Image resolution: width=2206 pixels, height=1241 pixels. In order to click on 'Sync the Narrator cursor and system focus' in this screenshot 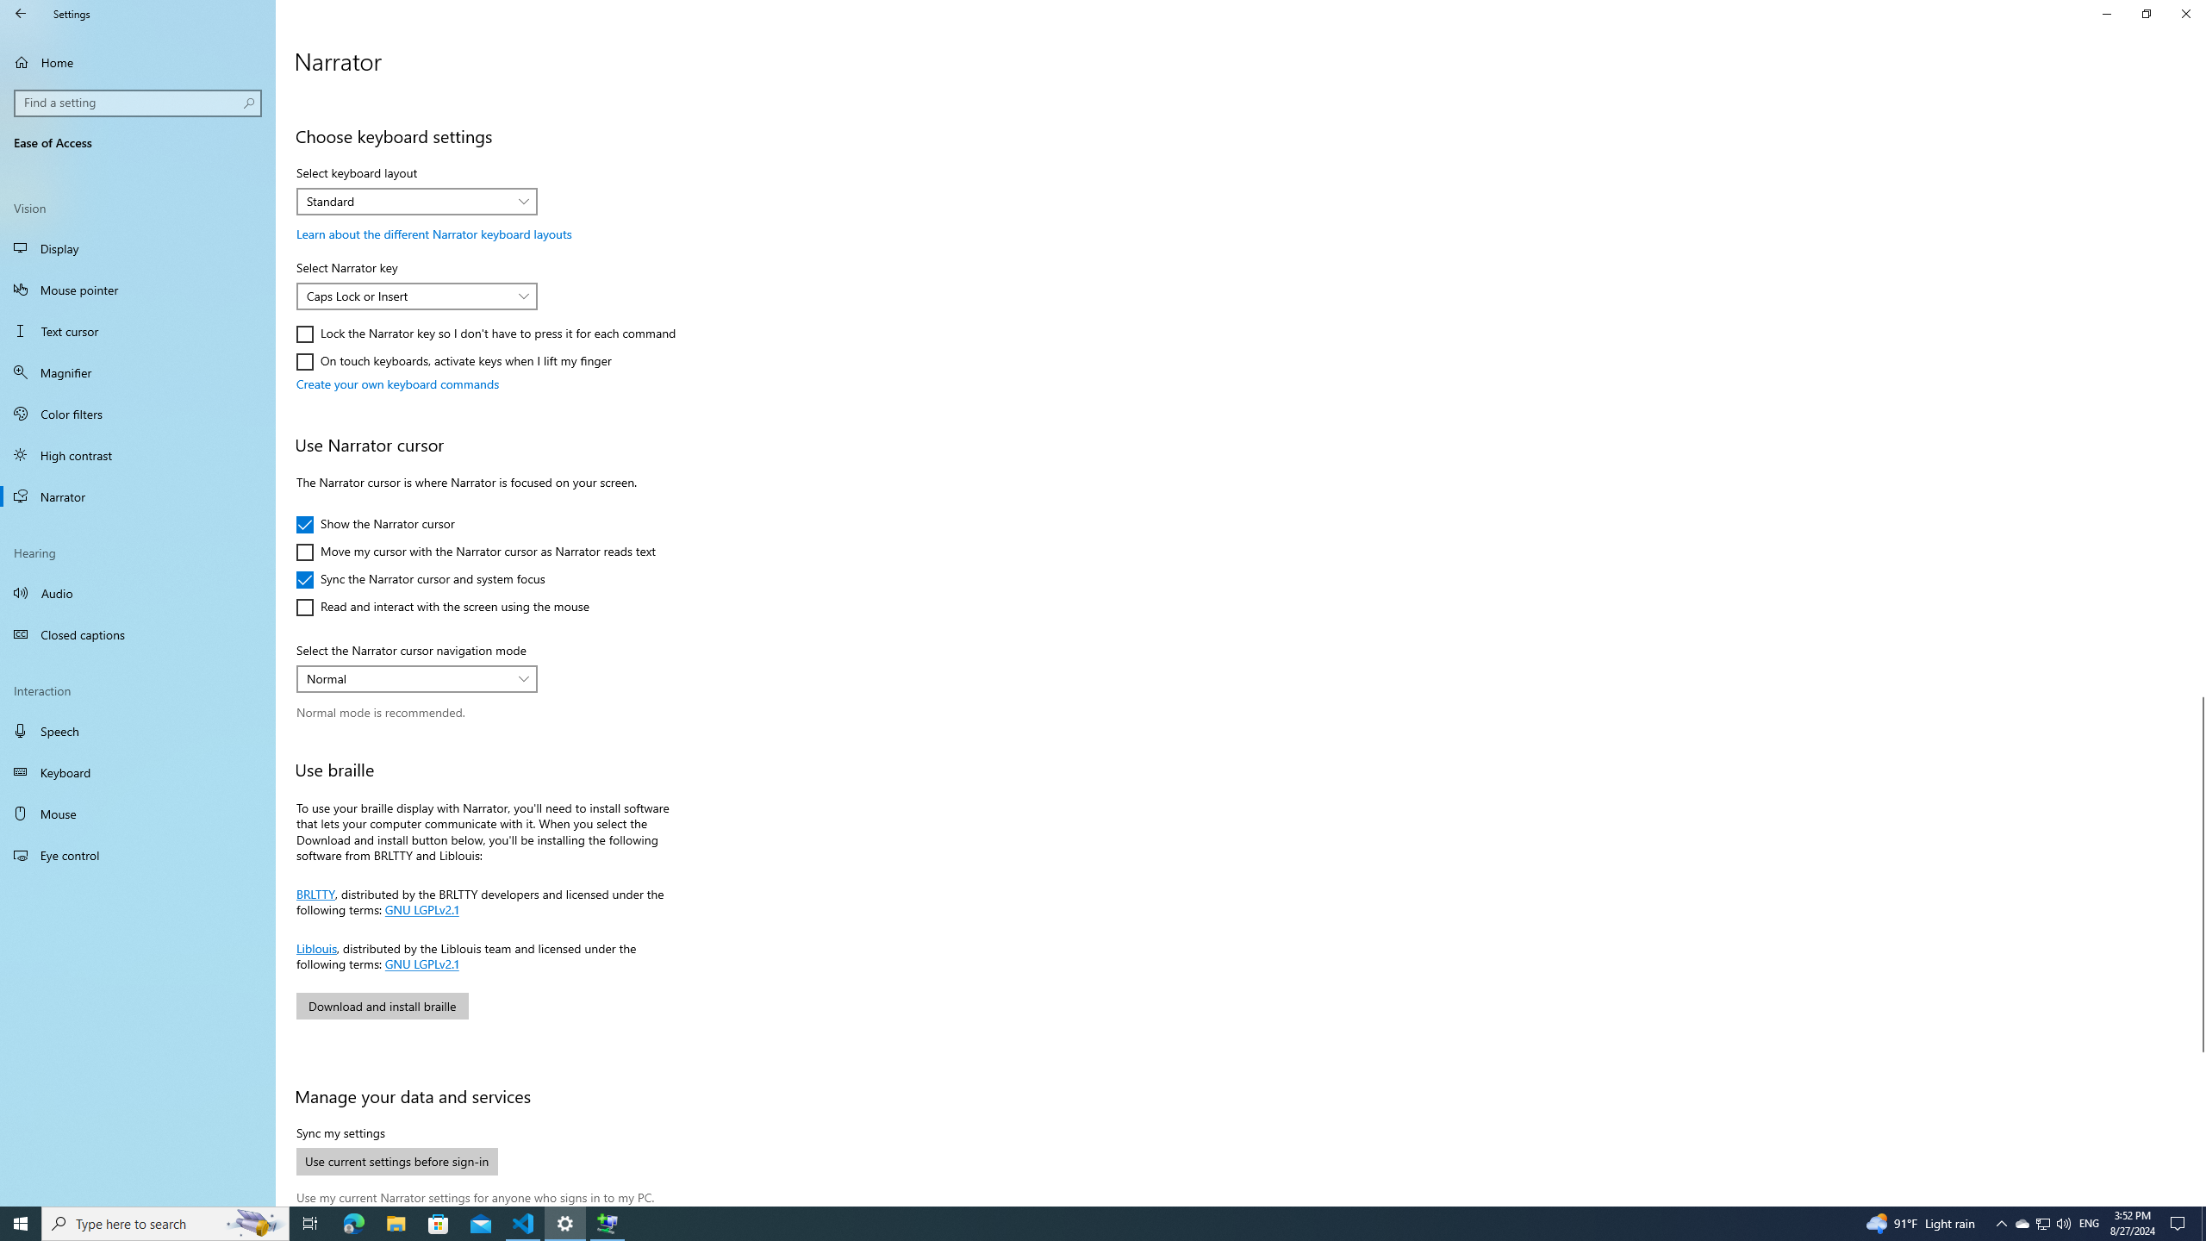, I will do `click(419, 578)`.